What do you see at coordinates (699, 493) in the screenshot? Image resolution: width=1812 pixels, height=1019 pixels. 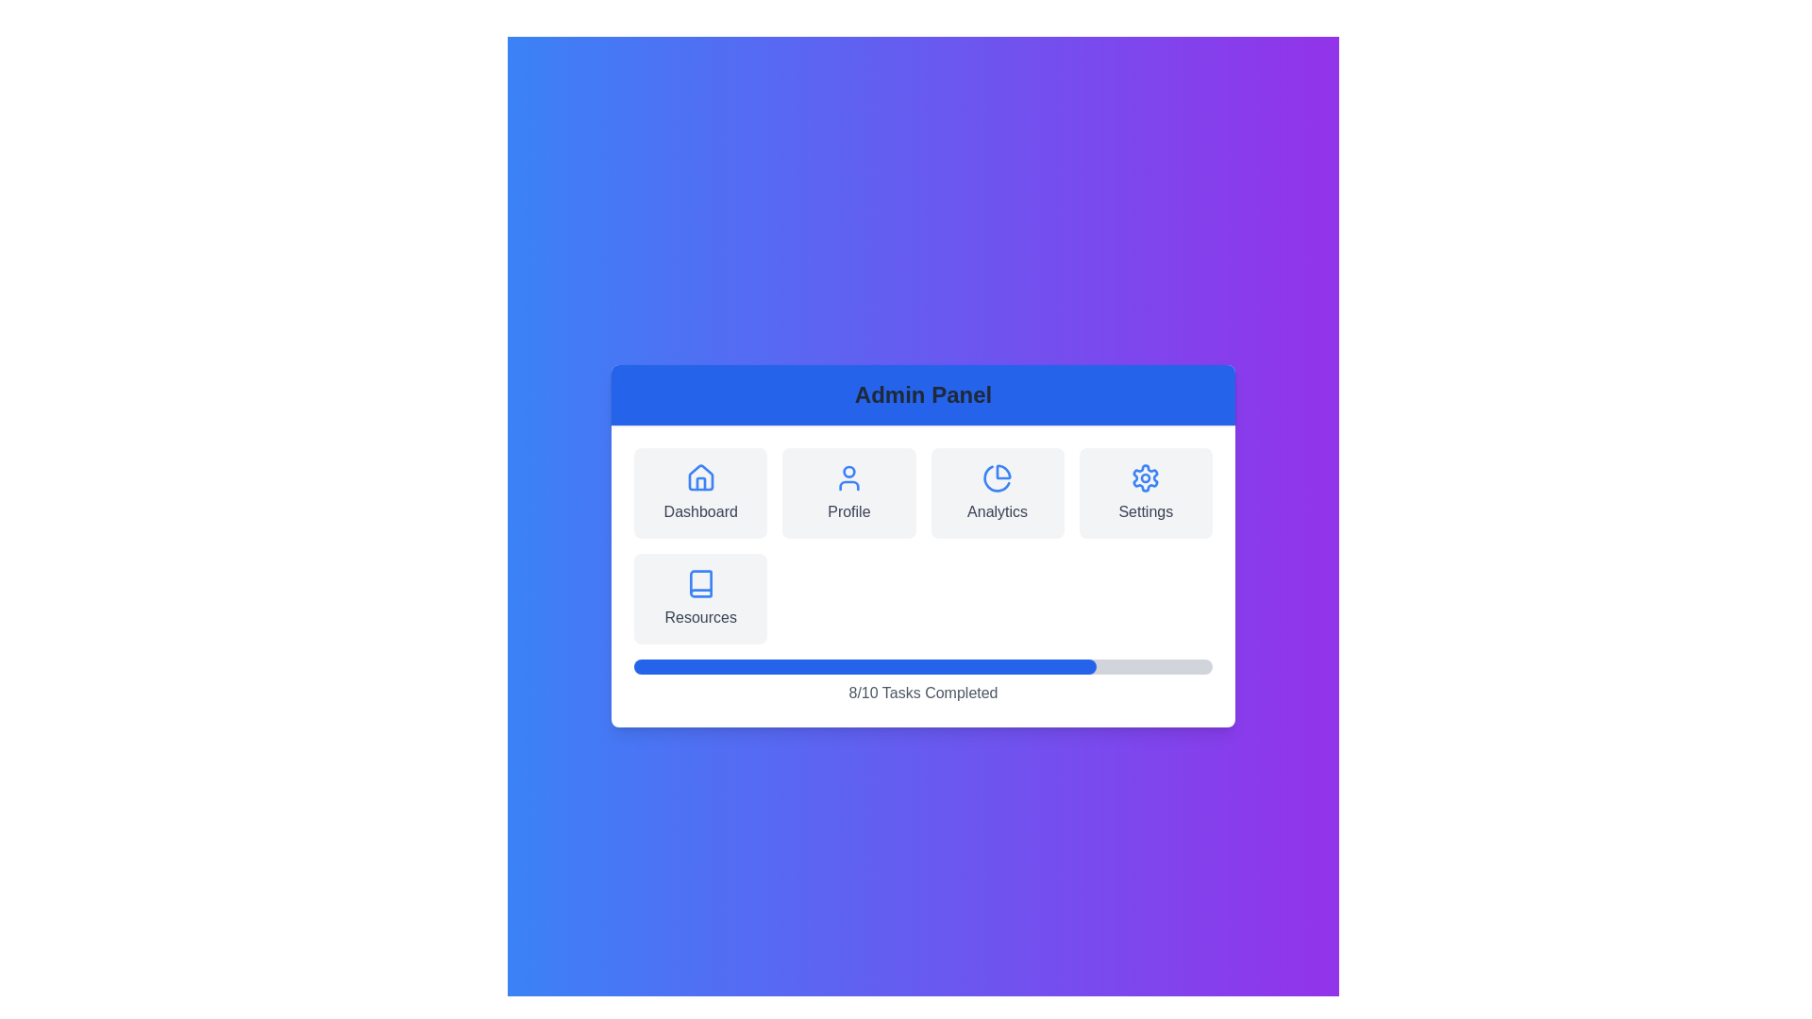 I see `the Dashboard menu option to navigate to its section` at bounding box center [699, 493].